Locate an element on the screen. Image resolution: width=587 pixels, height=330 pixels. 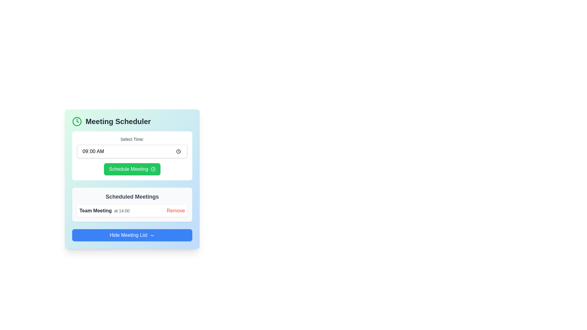
the blue rectangular button labeled 'Hide Meeting List' located at the bottom of the 'Meeting Scheduler' interface to trigger the browser-specific context menu is located at coordinates (132, 235).